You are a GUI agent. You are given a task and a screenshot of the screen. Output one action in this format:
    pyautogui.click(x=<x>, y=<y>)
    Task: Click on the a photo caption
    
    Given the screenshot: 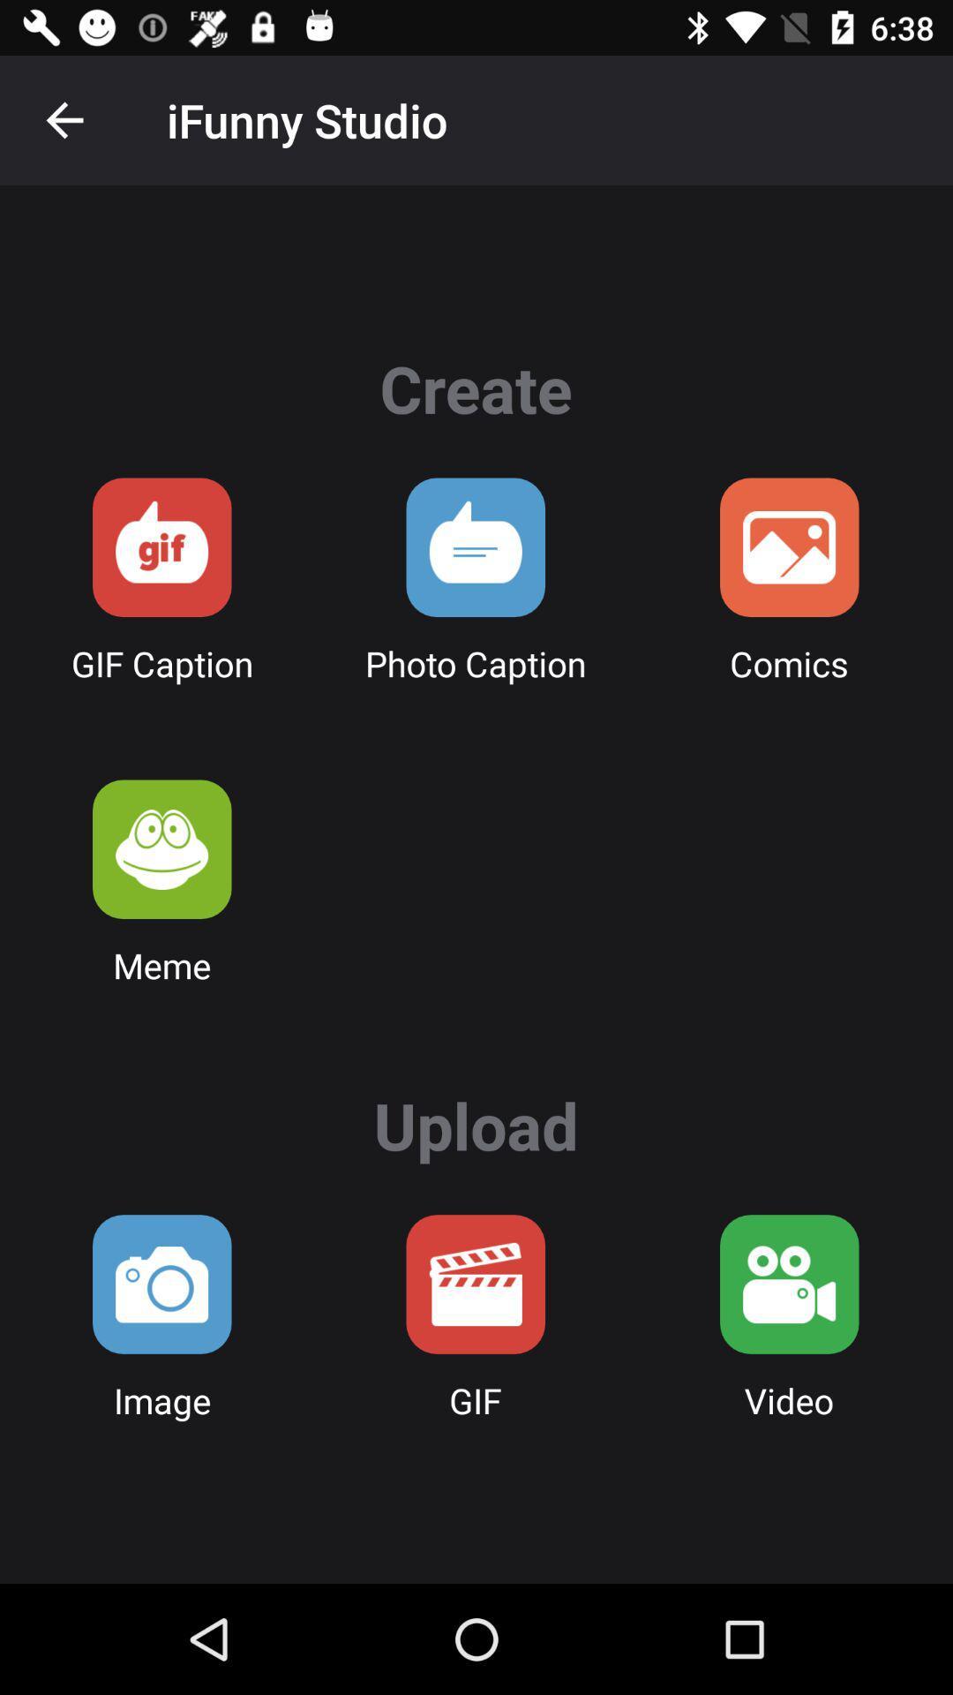 What is the action you would take?
    pyautogui.click(x=475, y=546)
    